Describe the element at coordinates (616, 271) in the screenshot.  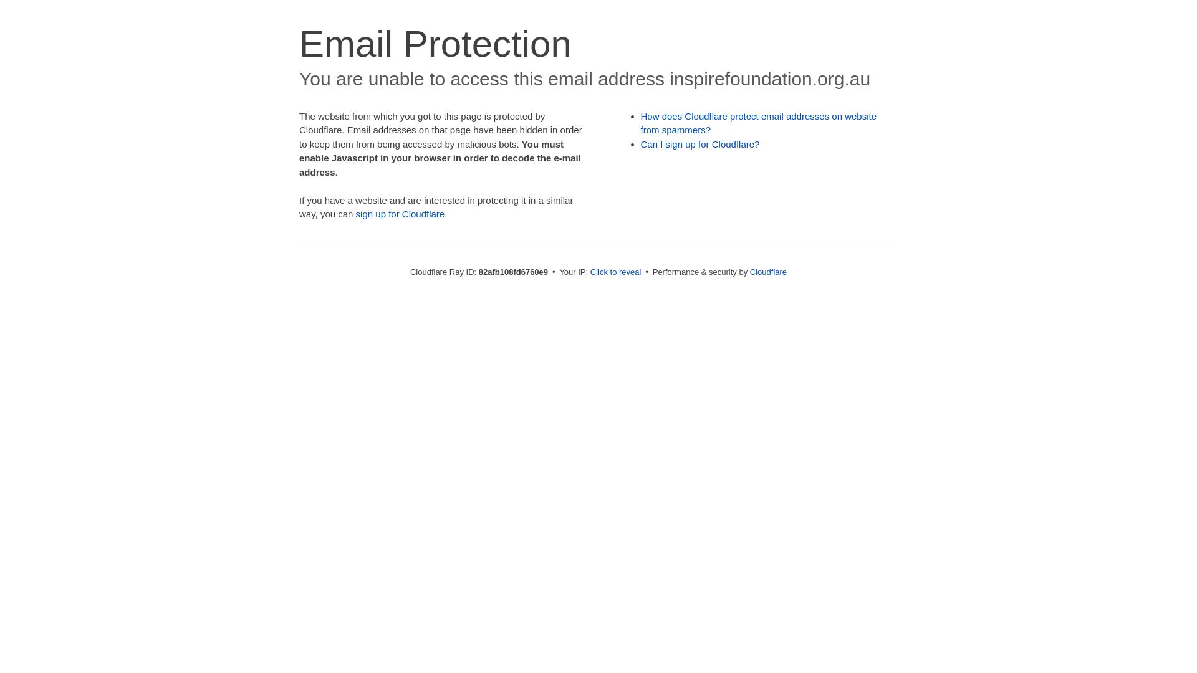
I see `'Click to reveal'` at that location.